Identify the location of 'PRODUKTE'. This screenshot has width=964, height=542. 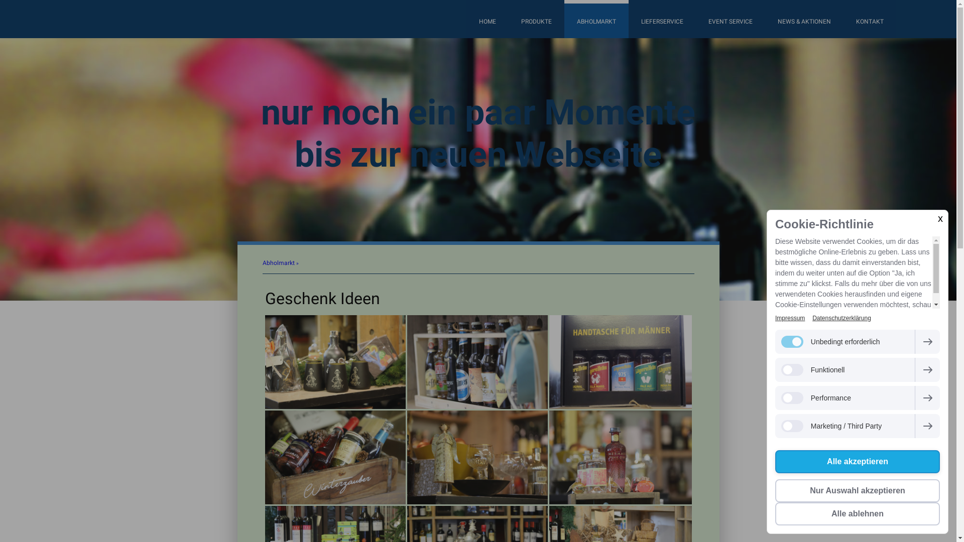
(536, 19).